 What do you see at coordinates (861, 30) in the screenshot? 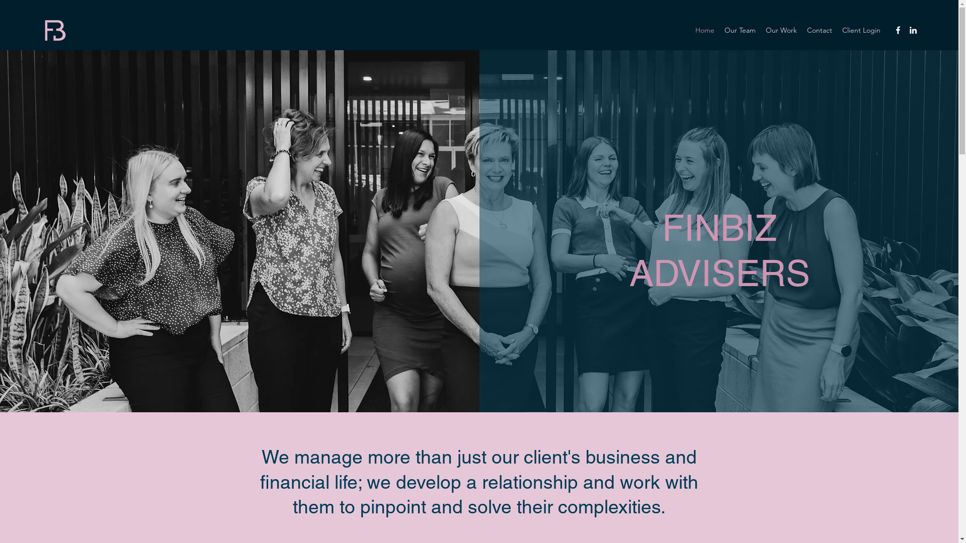
I see `'Client Login'` at bounding box center [861, 30].